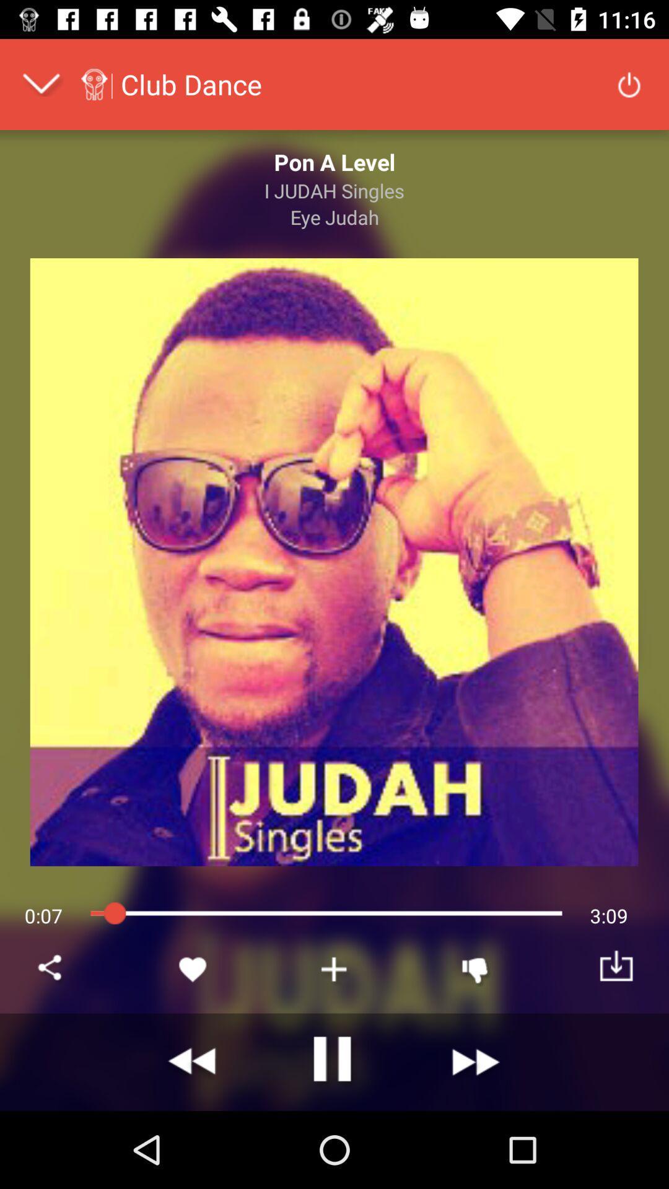 The width and height of the screenshot is (669, 1189). Describe the element at coordinates (474, 969) in the screenshot. I see `icon next to the 3:09` at that location.